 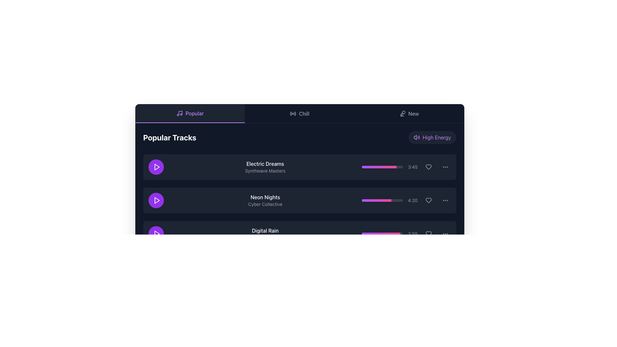 What do you see at coordinates (384, 200) in the screenshot?
I see `progress` at bounding box center [384, 200].